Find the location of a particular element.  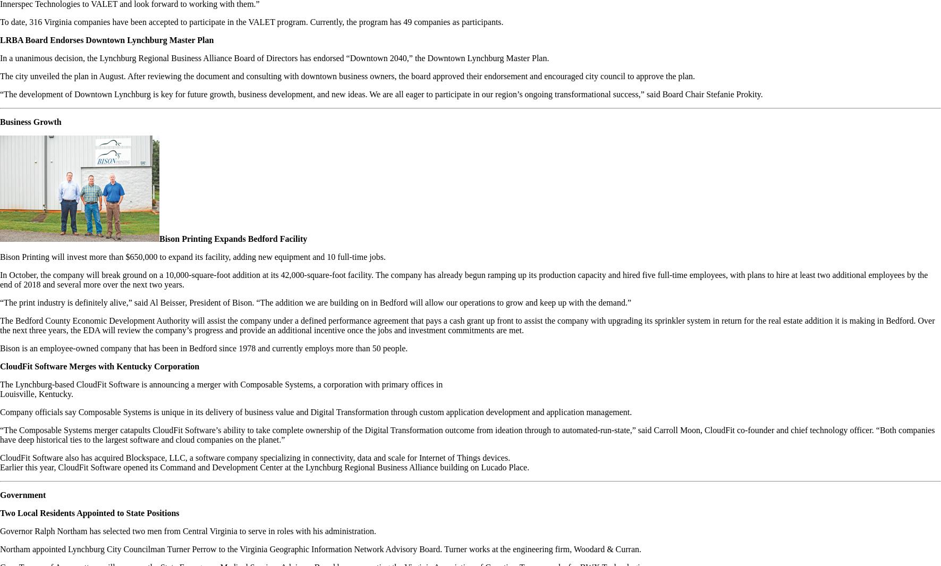

'Company officials say Composable Systems is unique in its delivery of business value and Digital Transformation through custom application development and application management.' is located at coordinates (315, 412).